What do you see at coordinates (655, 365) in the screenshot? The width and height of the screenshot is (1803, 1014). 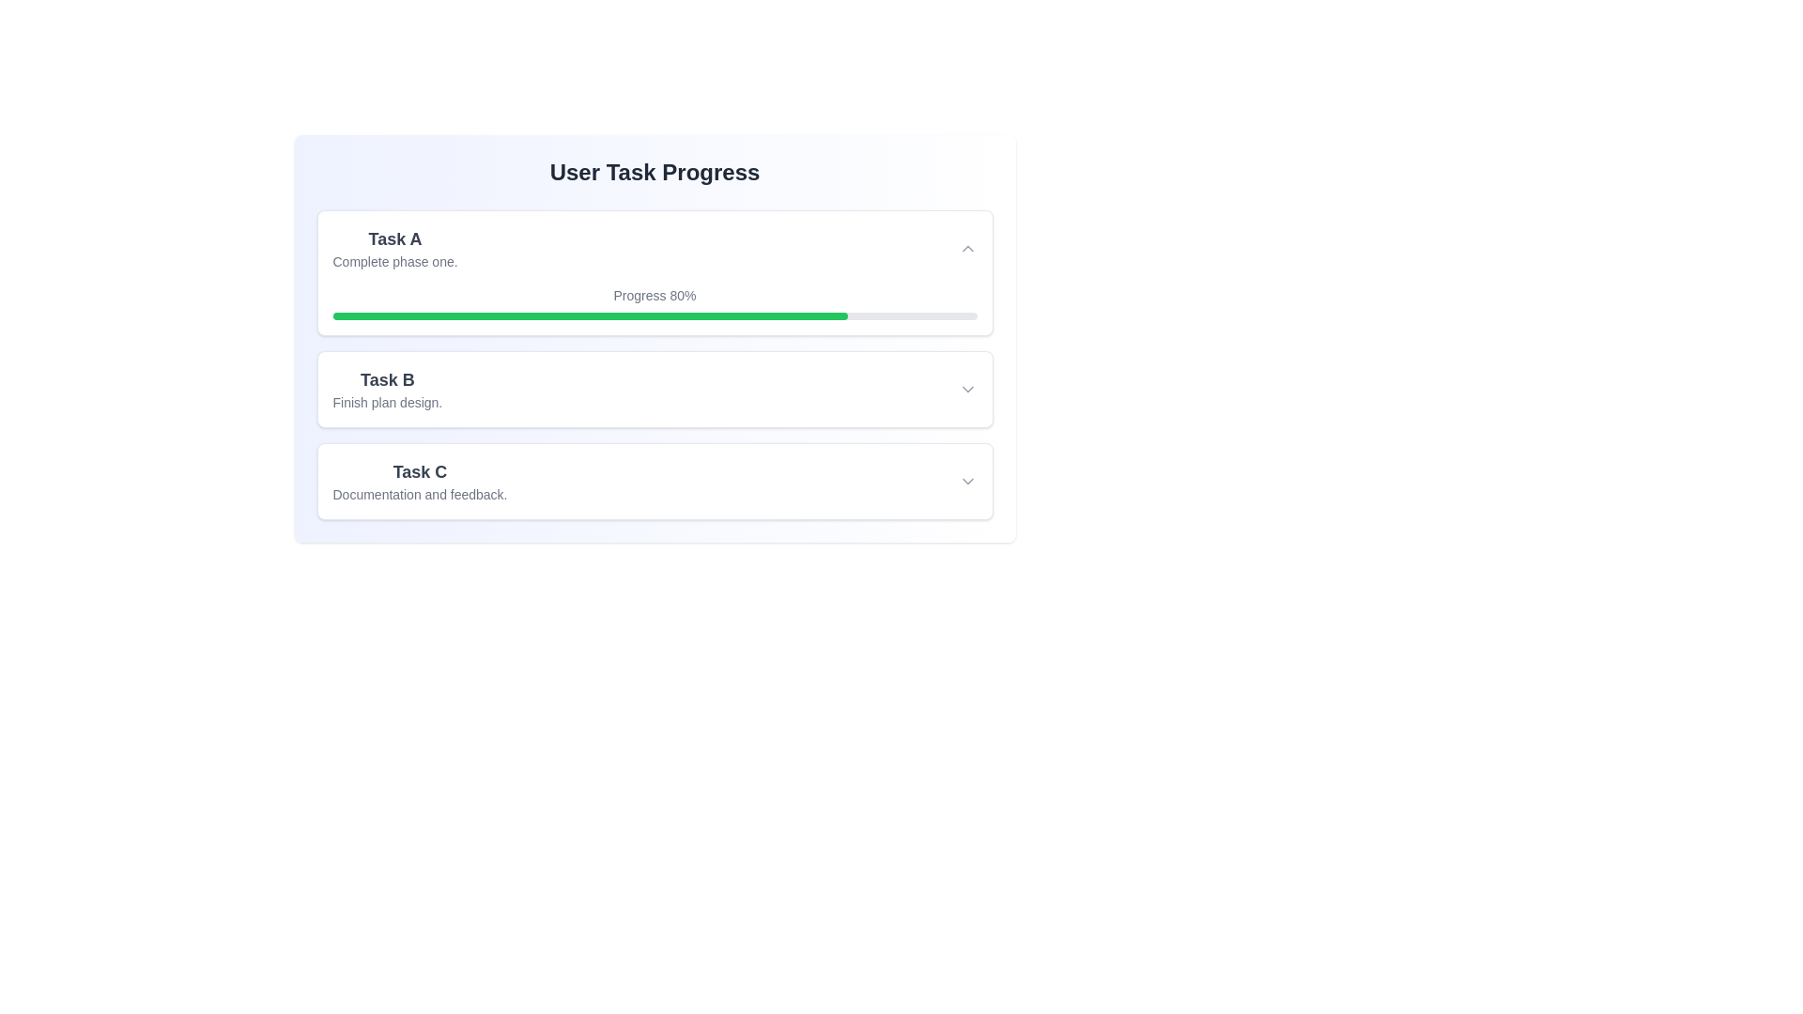 I see `the task card titled 'Task B' to edit the task details, which is located in the user task progress section between 'Task A' and 'Task C'` at bounding box center [655, 365].